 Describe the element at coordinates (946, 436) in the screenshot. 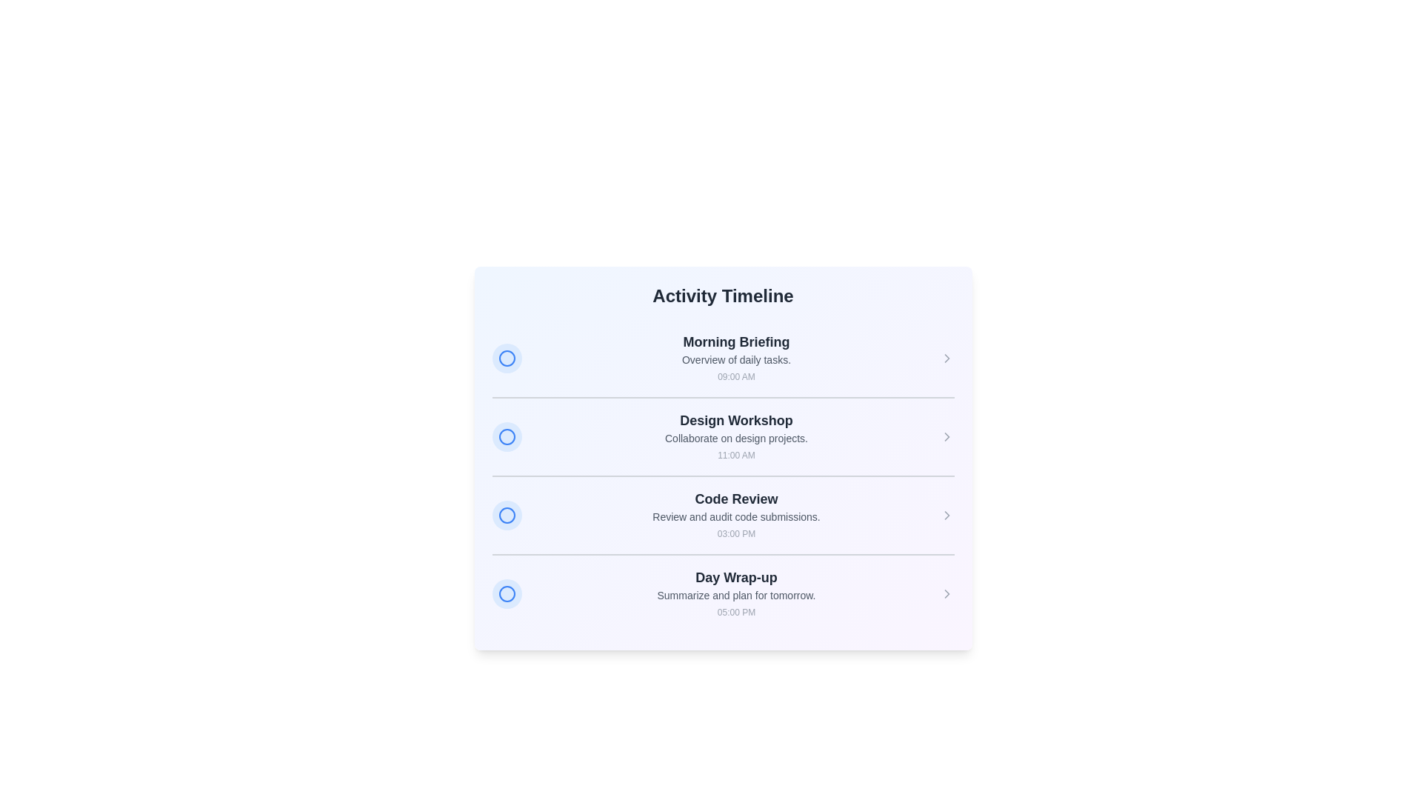

I see `the right-pointing chevron arrow icon, which is styled with a gray color and located to the far right of the 'Design Workshop' section in the Activity Timeline` at that location.